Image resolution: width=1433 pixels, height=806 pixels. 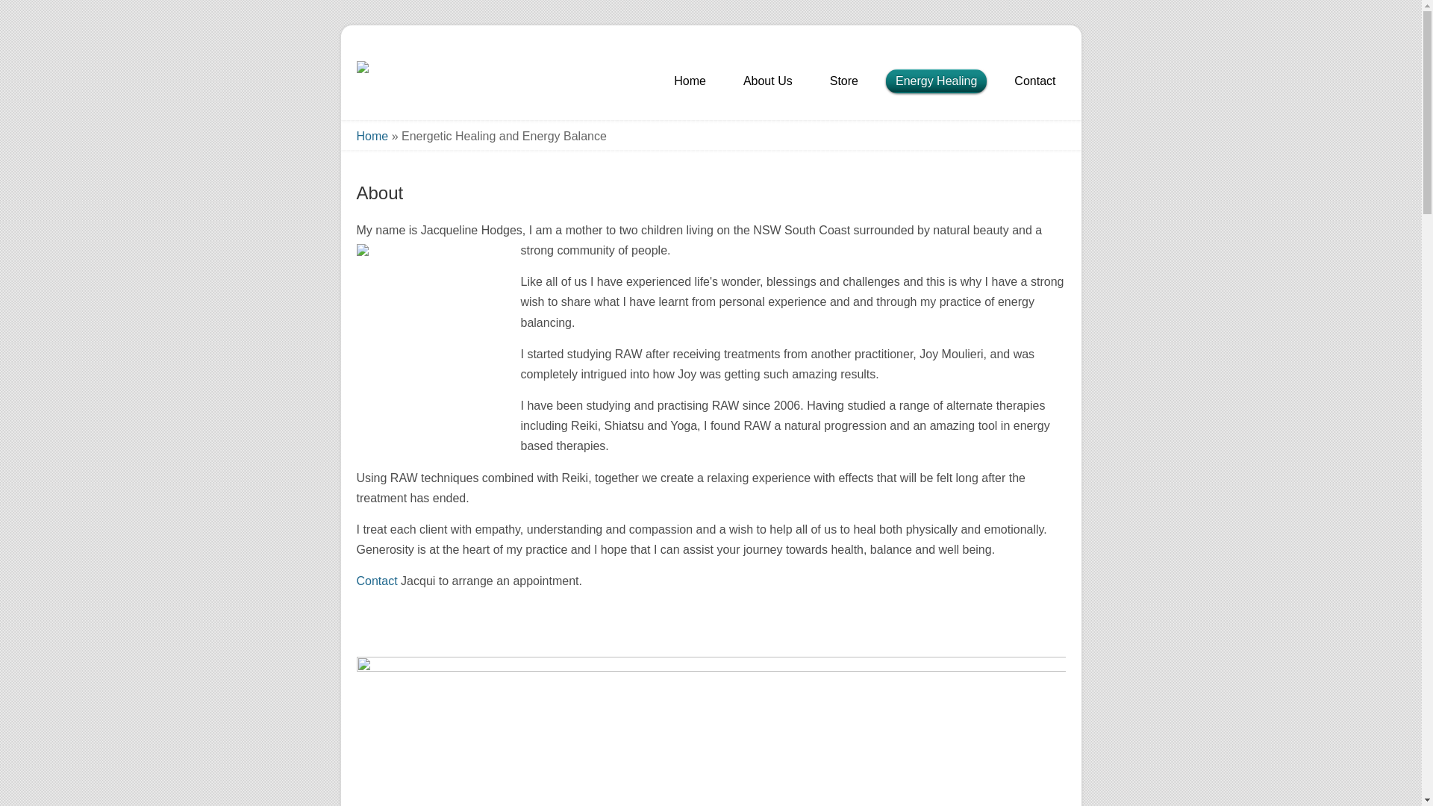 I want to click on 'Energy Healing', so click(x=935, y=83).